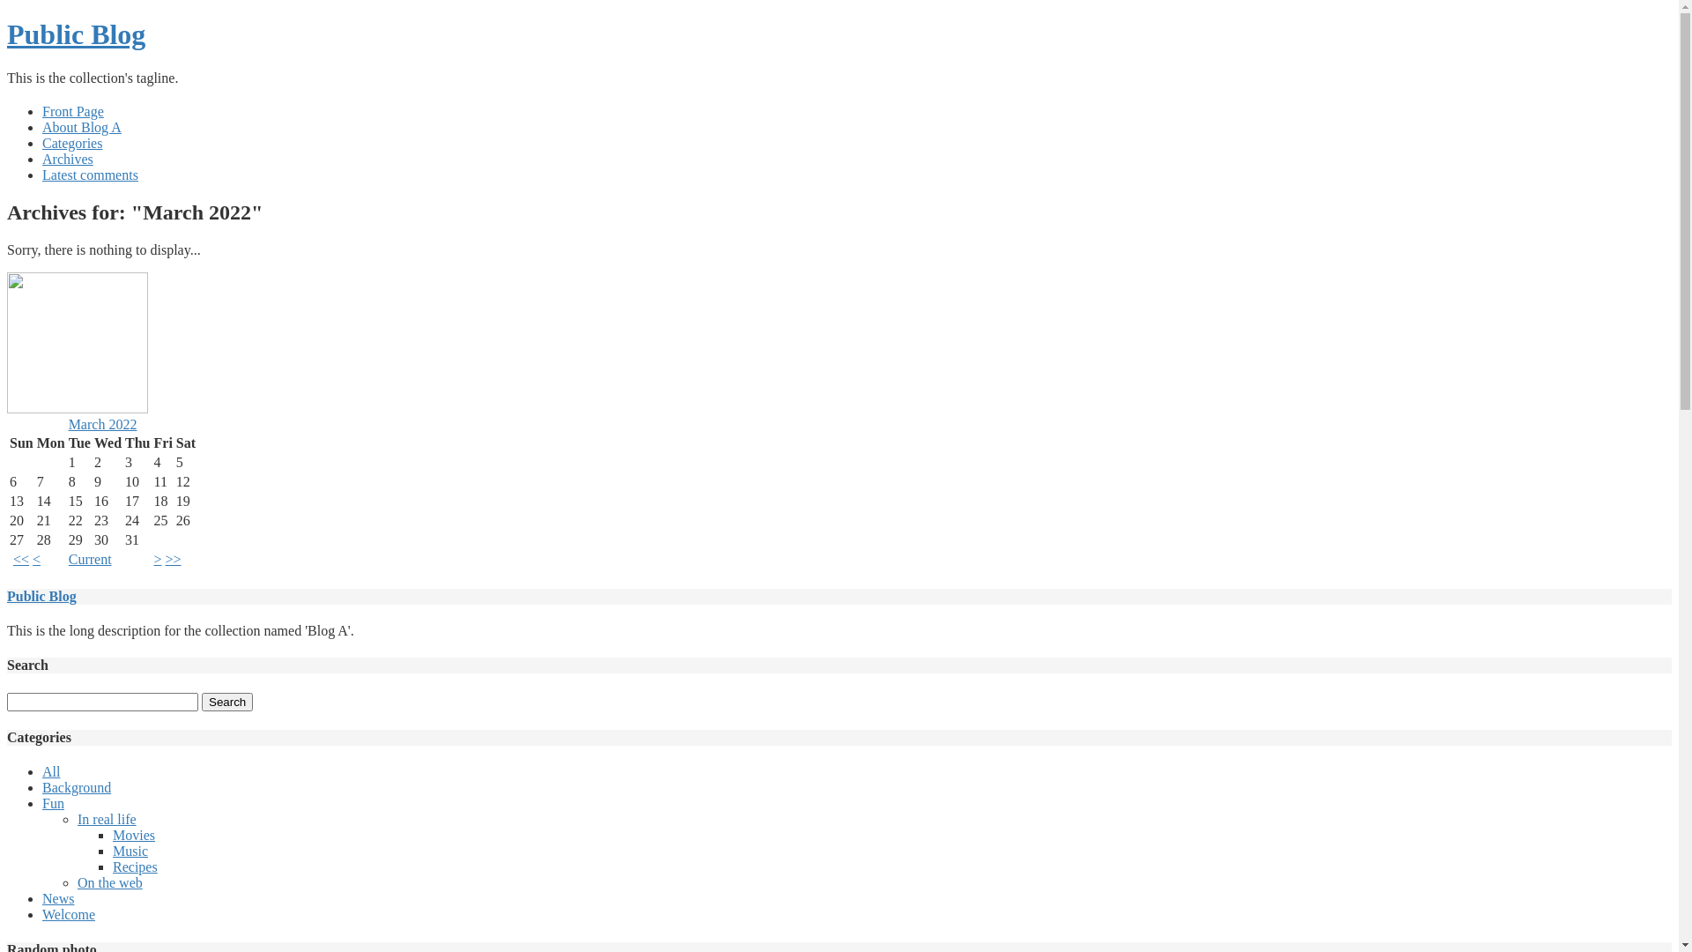  Describe the element at coordinates (42, 786) in the screenshot. I see `'Background'` at that location.